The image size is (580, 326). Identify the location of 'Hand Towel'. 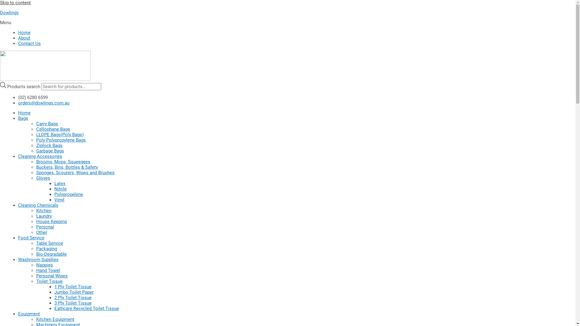
(48, 270).